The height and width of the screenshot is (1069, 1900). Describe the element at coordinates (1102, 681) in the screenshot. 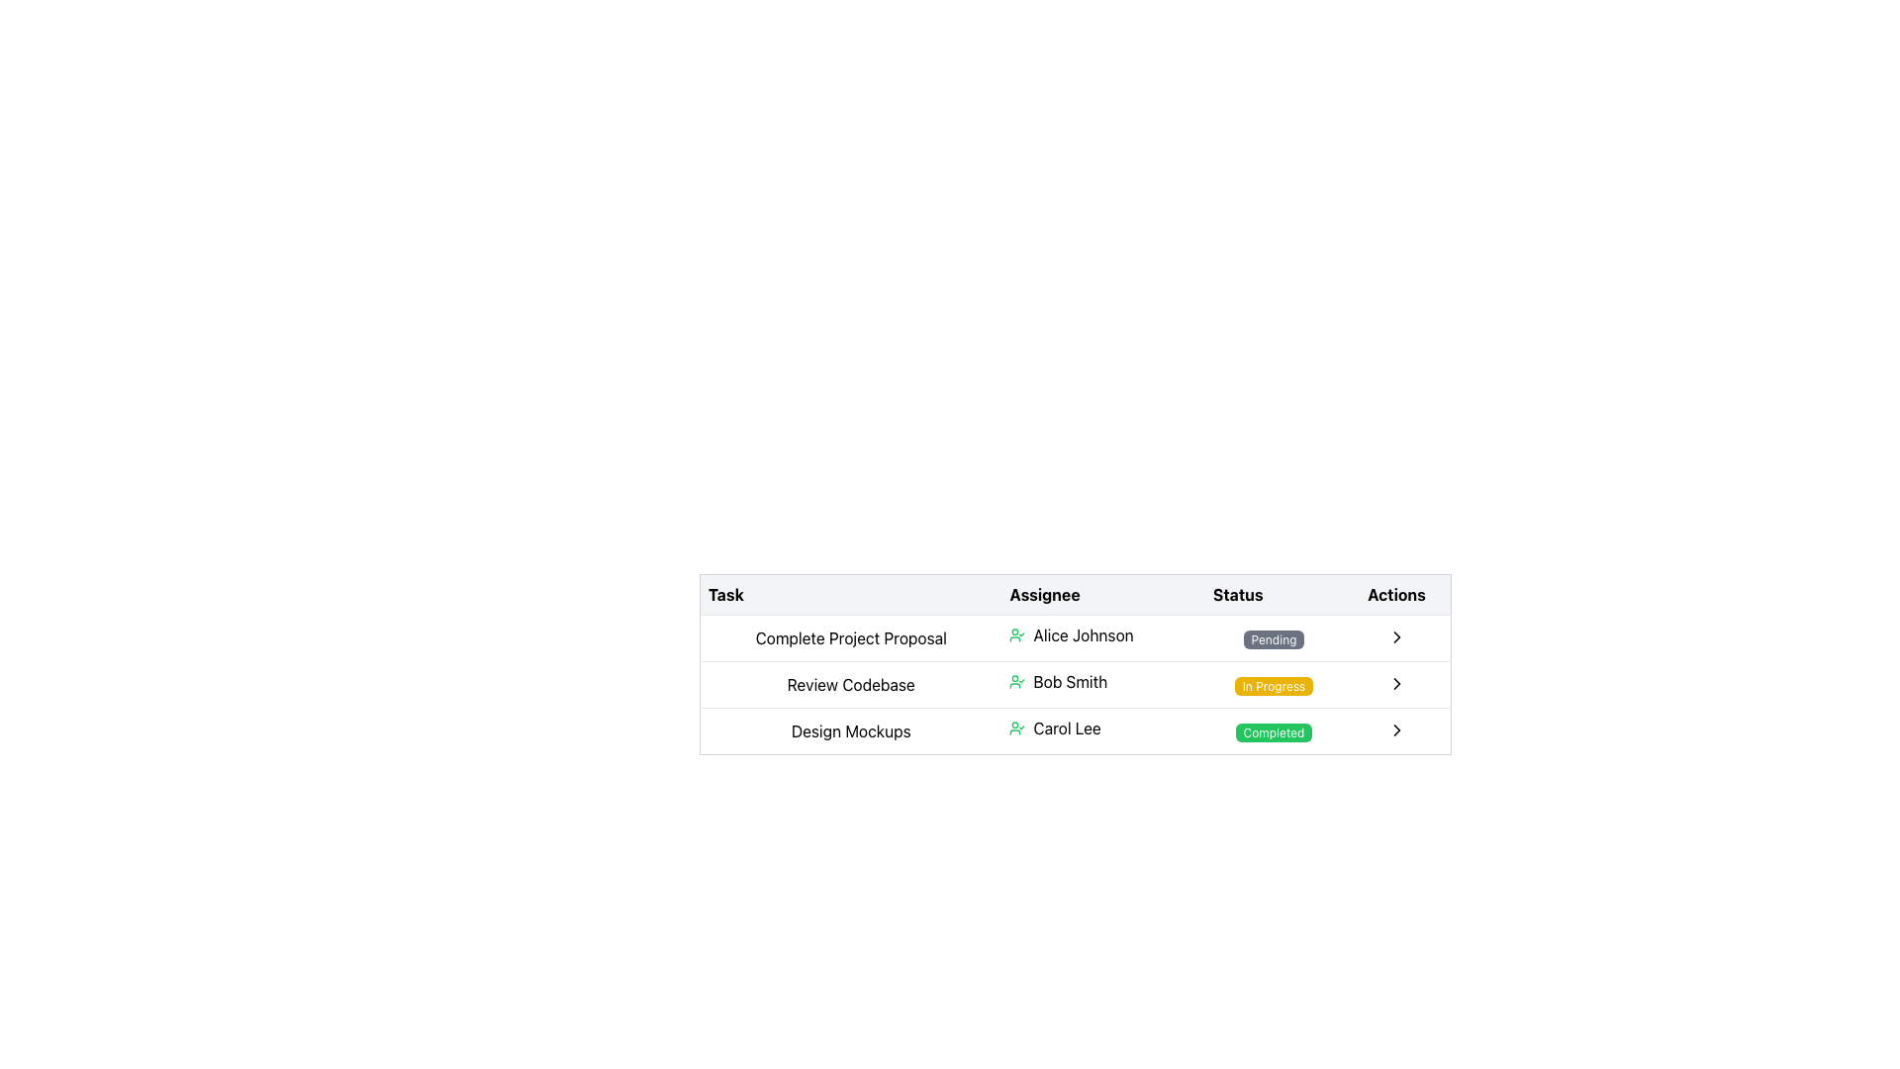

I see `the Label with Icon that identifies the assignee of the task 'Review Codebase' in the second column of the second row in the table layout` at that location.